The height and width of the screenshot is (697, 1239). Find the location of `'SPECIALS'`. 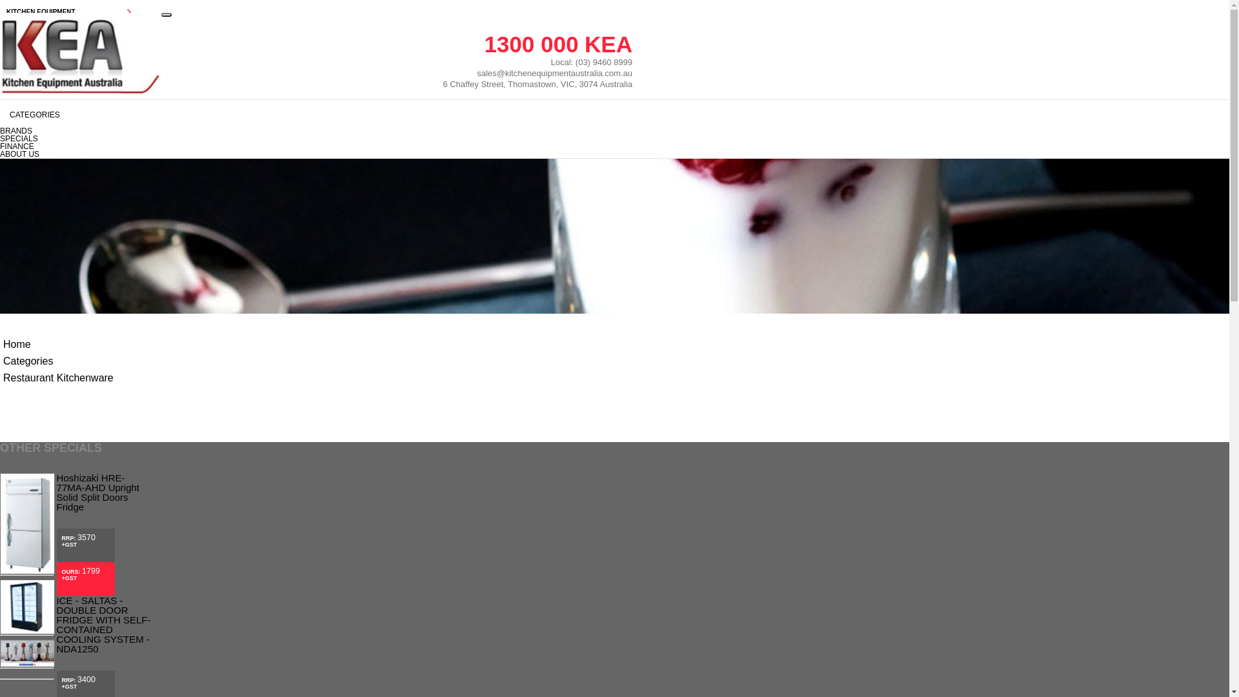

'SPECIALS' is located at coordinates (19, 139).